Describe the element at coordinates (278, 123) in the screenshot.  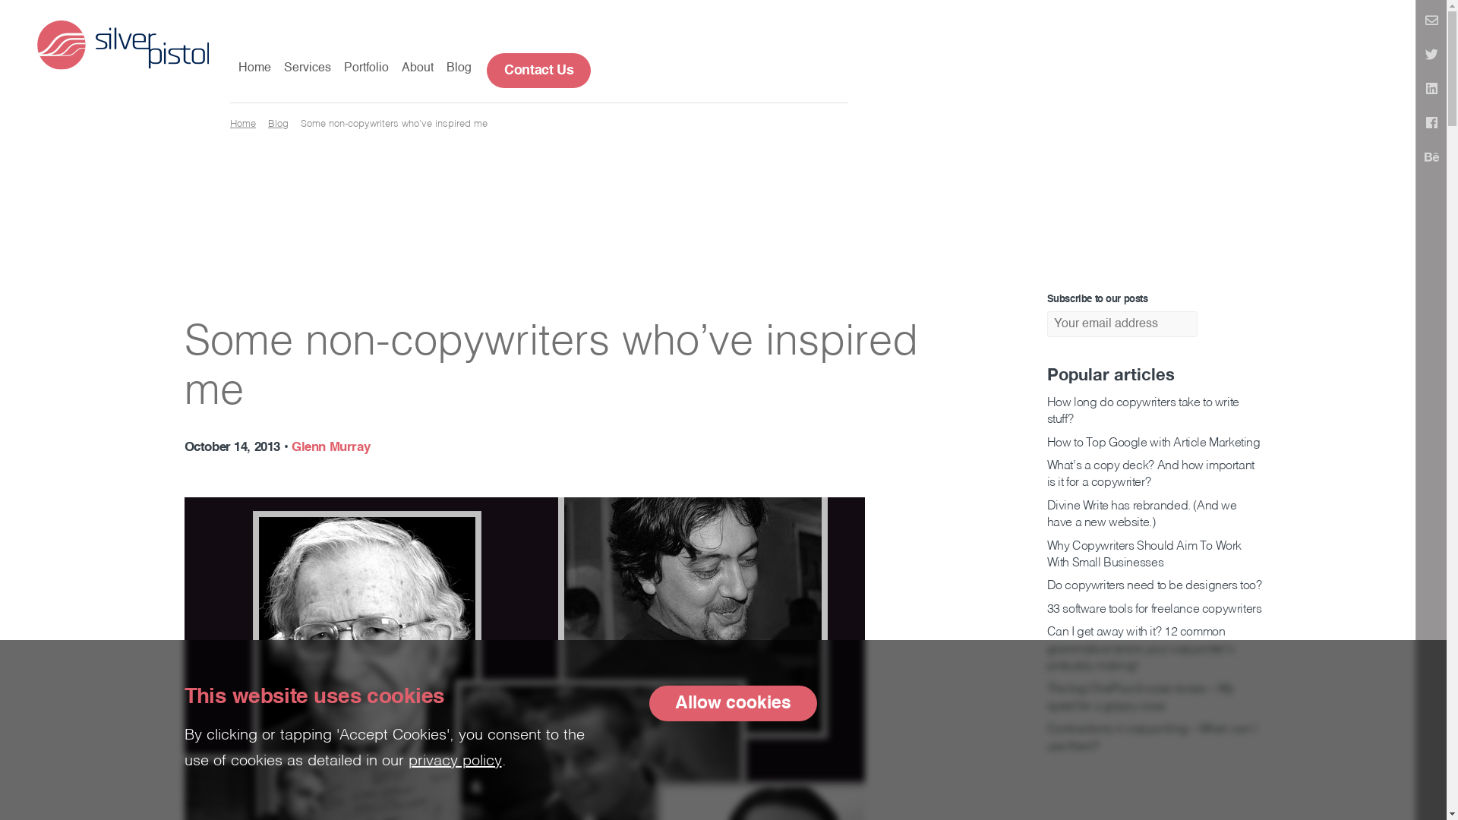
I see `'Blog'` at that location.